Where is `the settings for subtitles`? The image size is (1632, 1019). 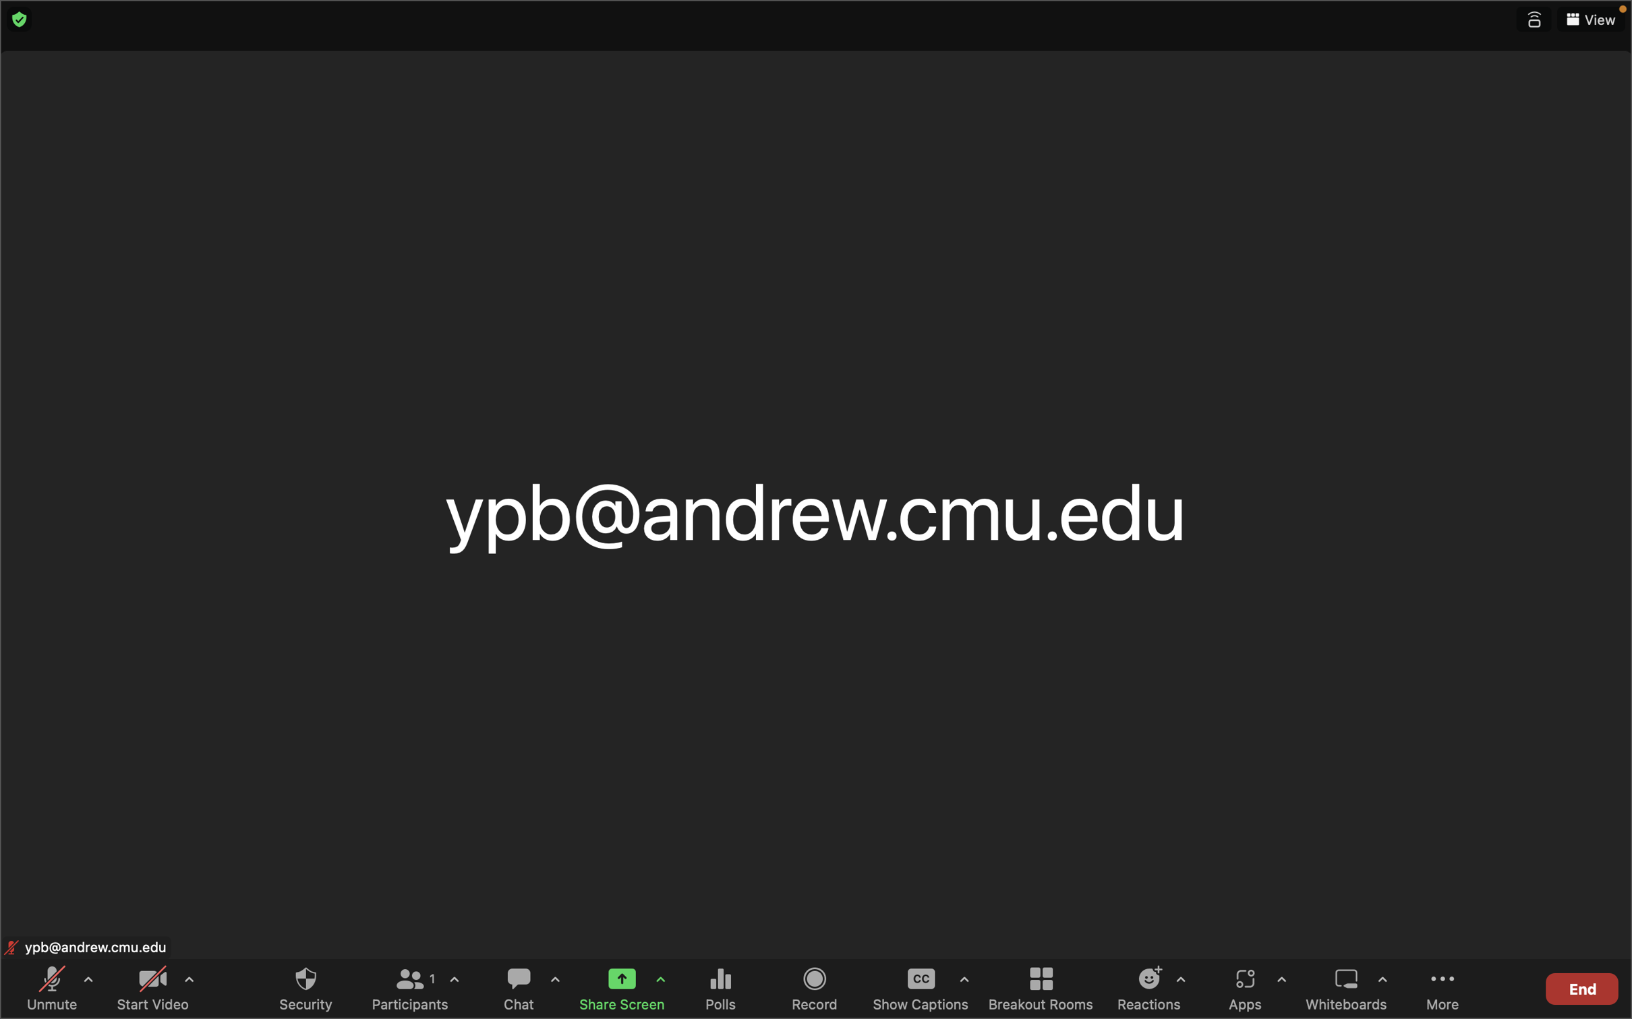
the settings for subtitles is located at coordinates (964, 981).